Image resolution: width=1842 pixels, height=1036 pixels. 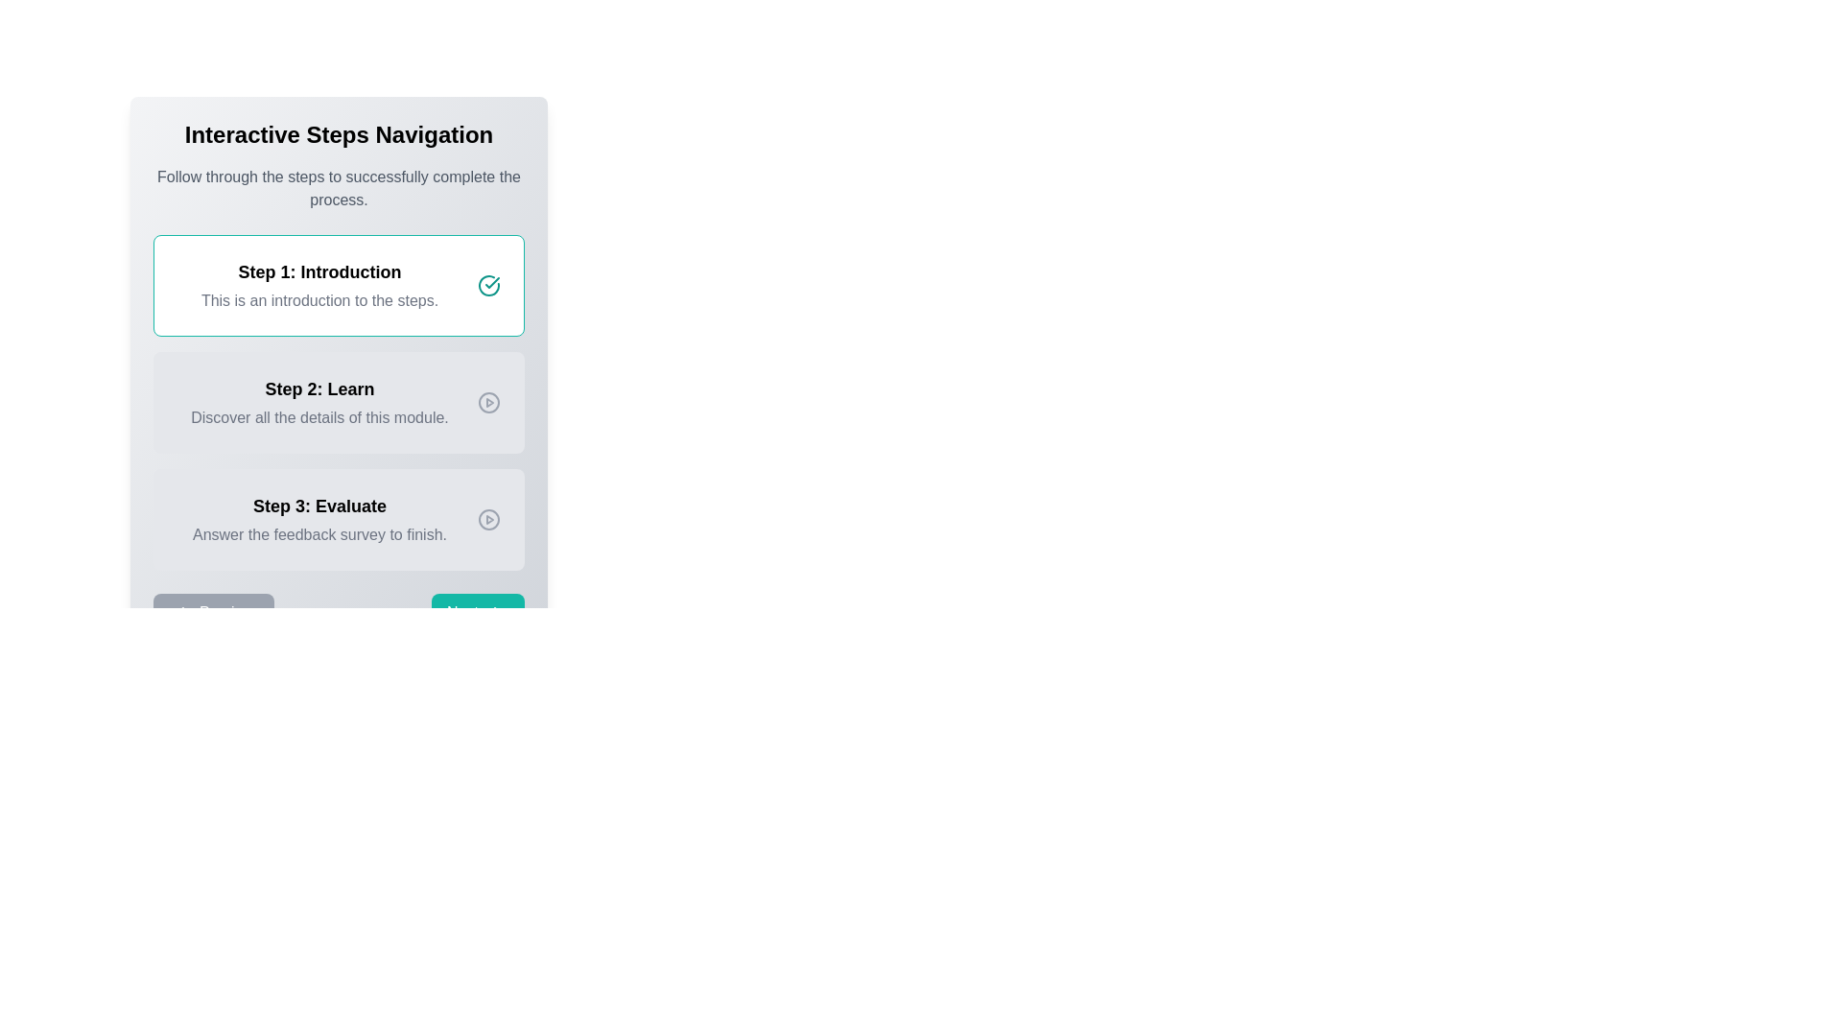 I want to click on the text block displaying 'Answer the feedback survey to finish.' which is located beneath the heading 'Step 3: Evaluate.', so click(x=319, y=535).